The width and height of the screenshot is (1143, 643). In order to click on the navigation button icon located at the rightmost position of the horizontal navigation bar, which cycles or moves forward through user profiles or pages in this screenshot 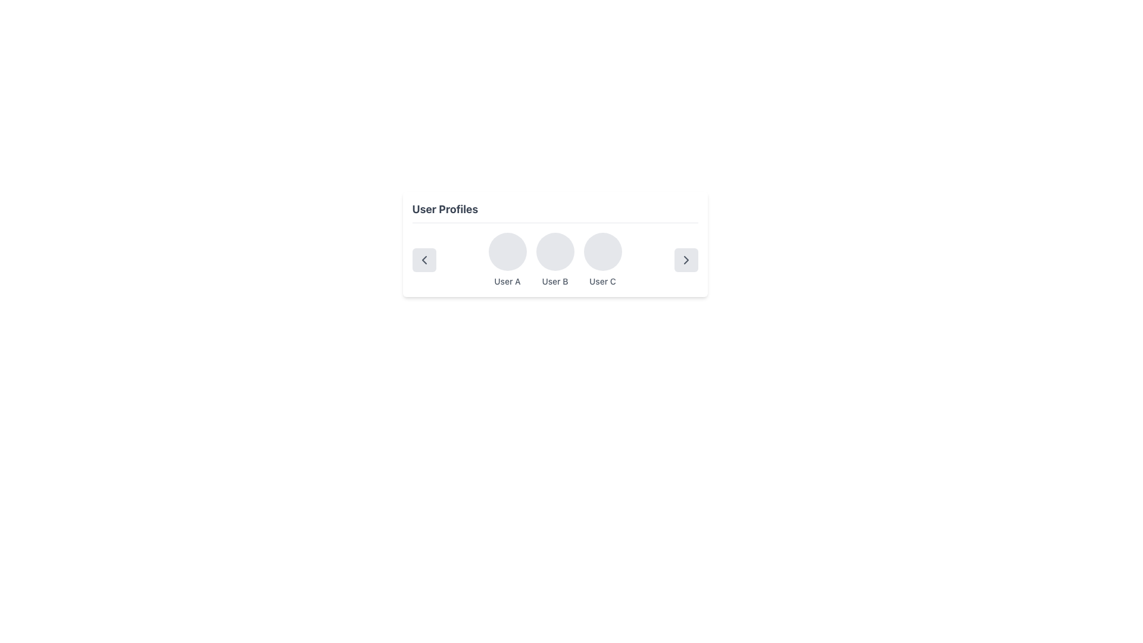, I will do `click(686, 259)`.